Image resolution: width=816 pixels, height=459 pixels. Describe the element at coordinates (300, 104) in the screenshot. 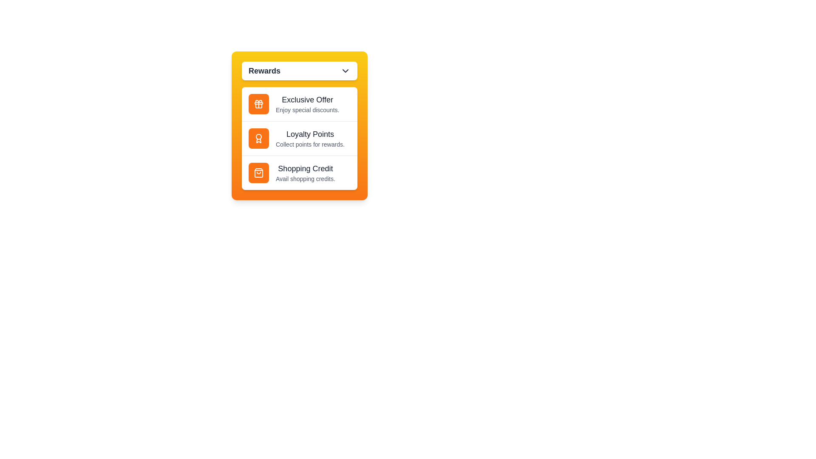

I see `the first informational card in the rewards section, which features a bold 'Exclusive Offer' text and an orange gift icon` at that location.